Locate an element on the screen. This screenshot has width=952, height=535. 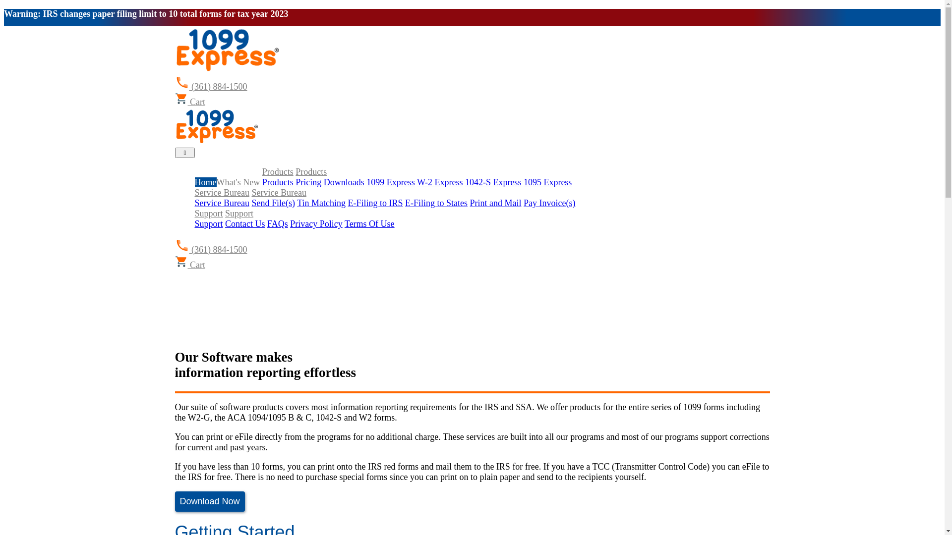
'Cart' is located at coordinates (190, 102).